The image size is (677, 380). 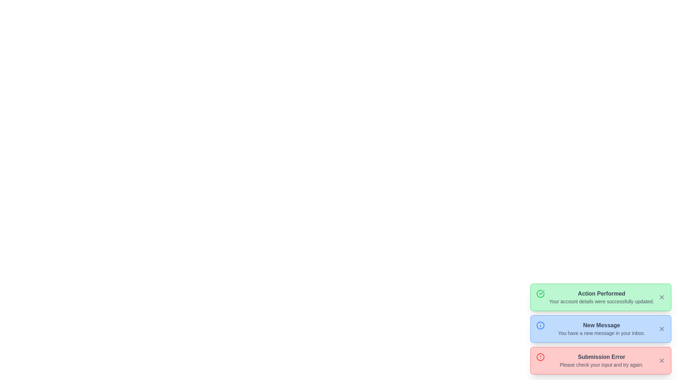 I want to click on the 'X' icon in the upper-right corner of the blue notification bar, so click(x=661, y=329).